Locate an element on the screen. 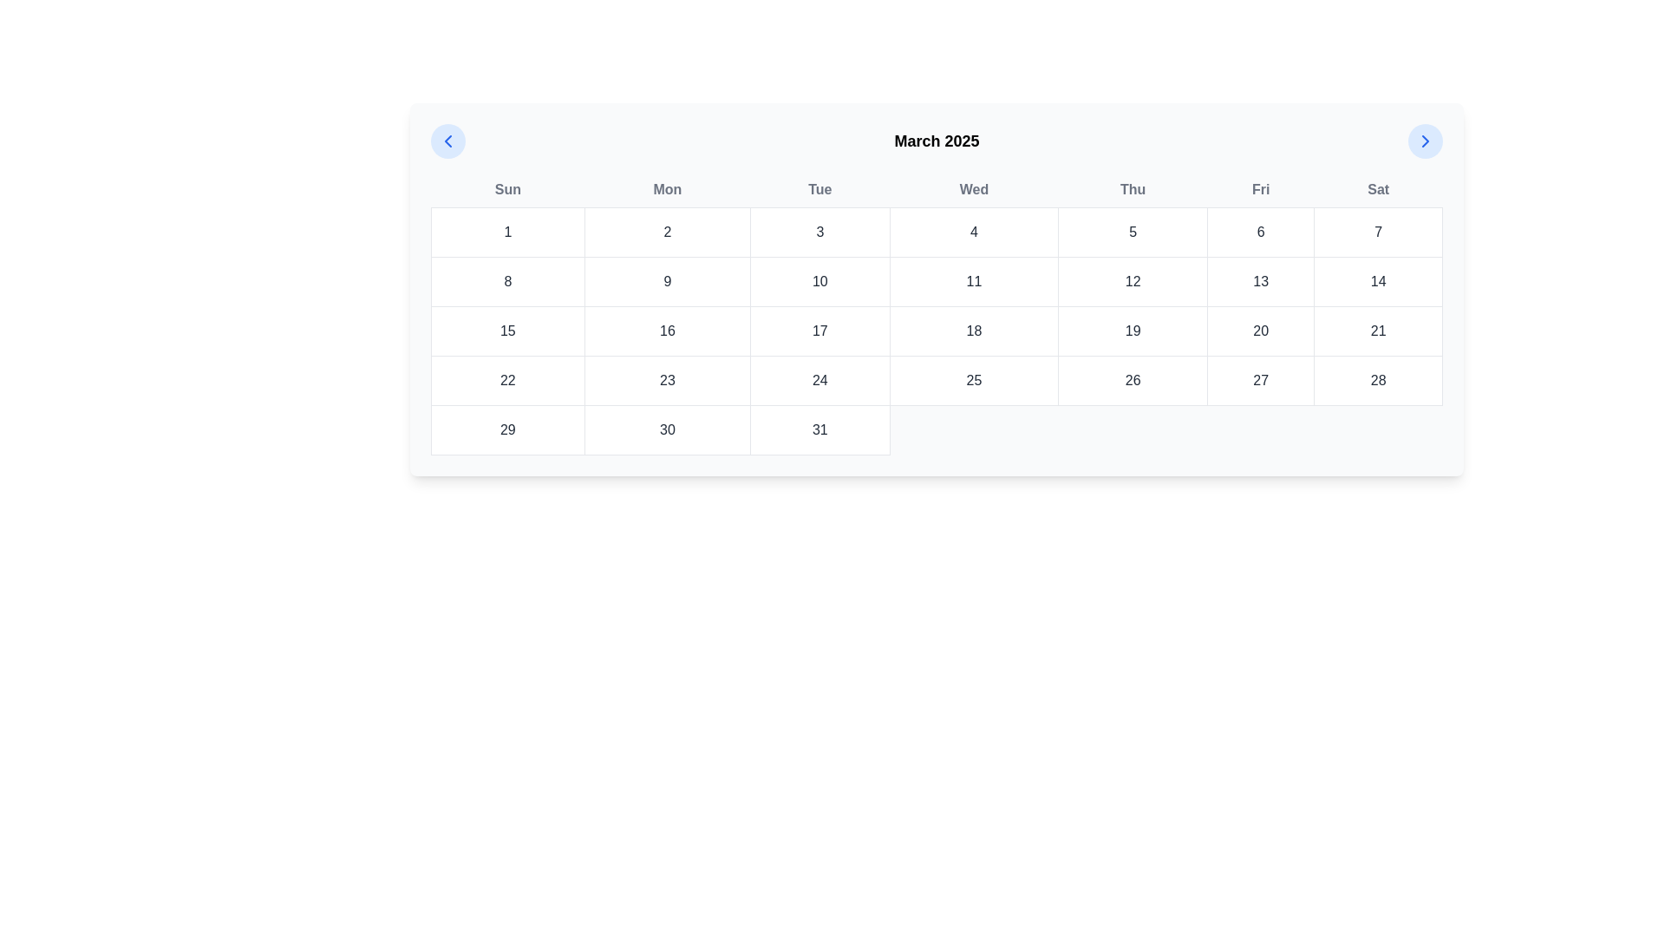 This screenshot has height=937, width=1665. the static text element displaying the date '1' in the calendar grid, located under the Sunday column heading is located at coordinates (506, 231).